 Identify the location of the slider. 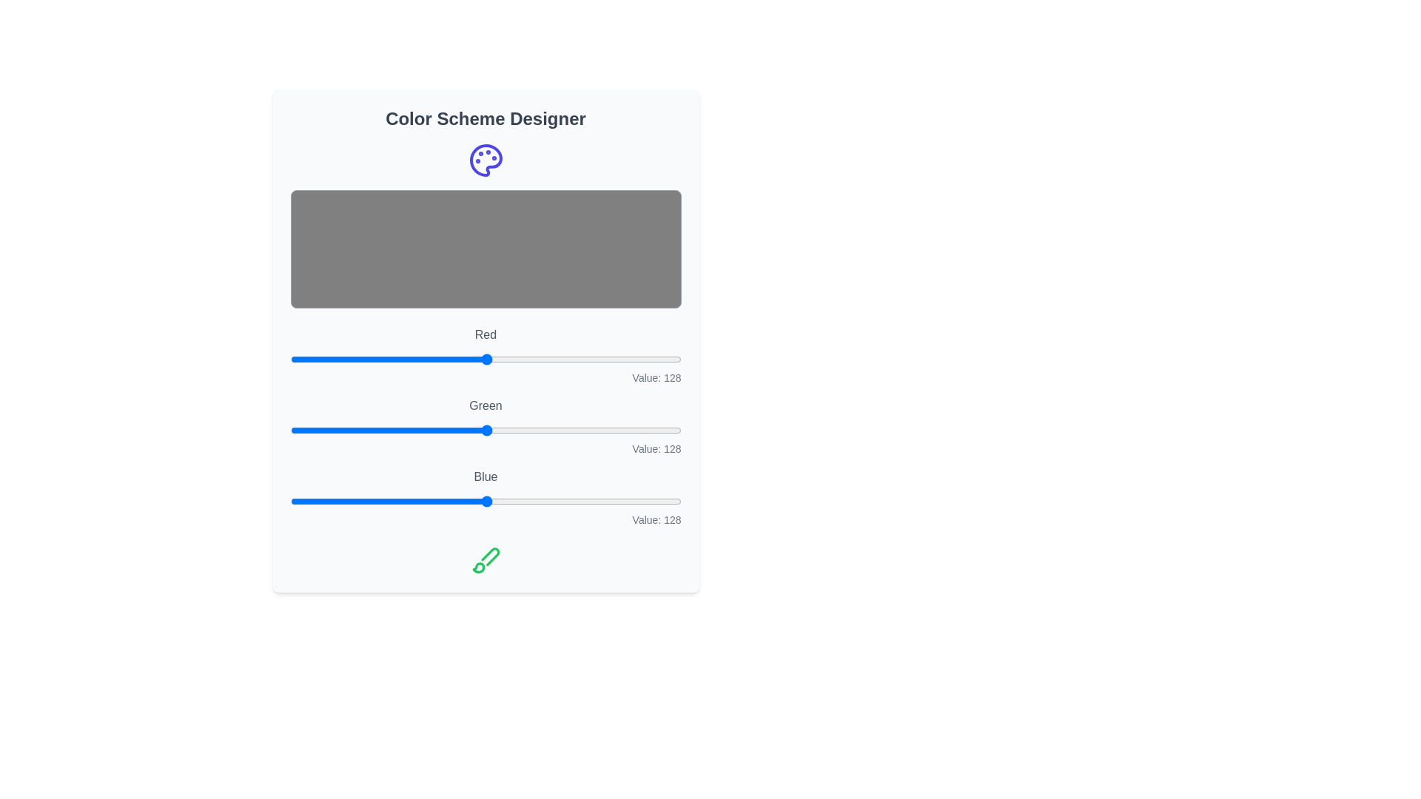
(430, 431).